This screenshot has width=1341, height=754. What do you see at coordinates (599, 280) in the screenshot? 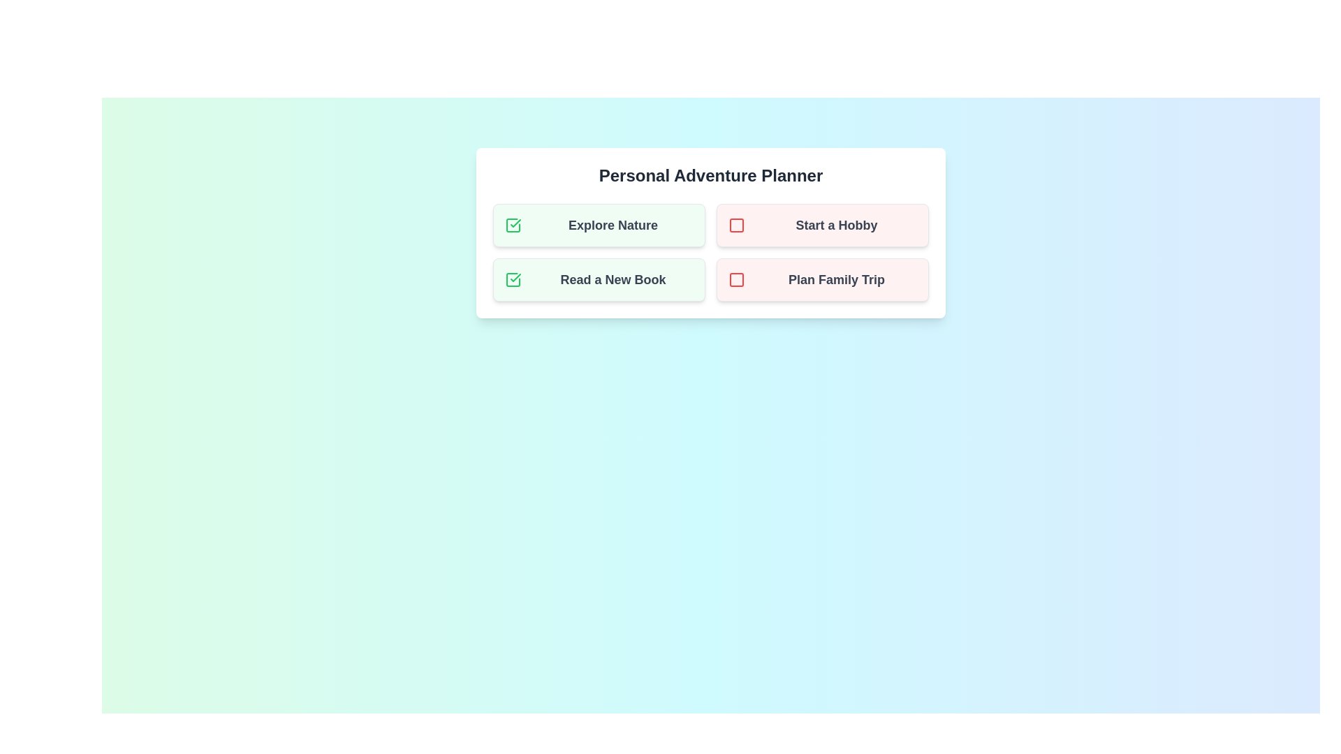
I see `the task Read a New Book to observe any hover effects` at bounding box center [599, 280].